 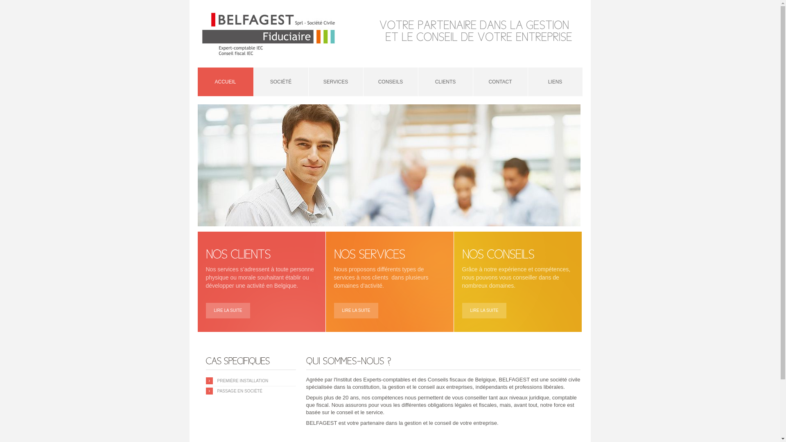 I want to click on 'LIRE LA SUITE', so click(x=356, y=311).